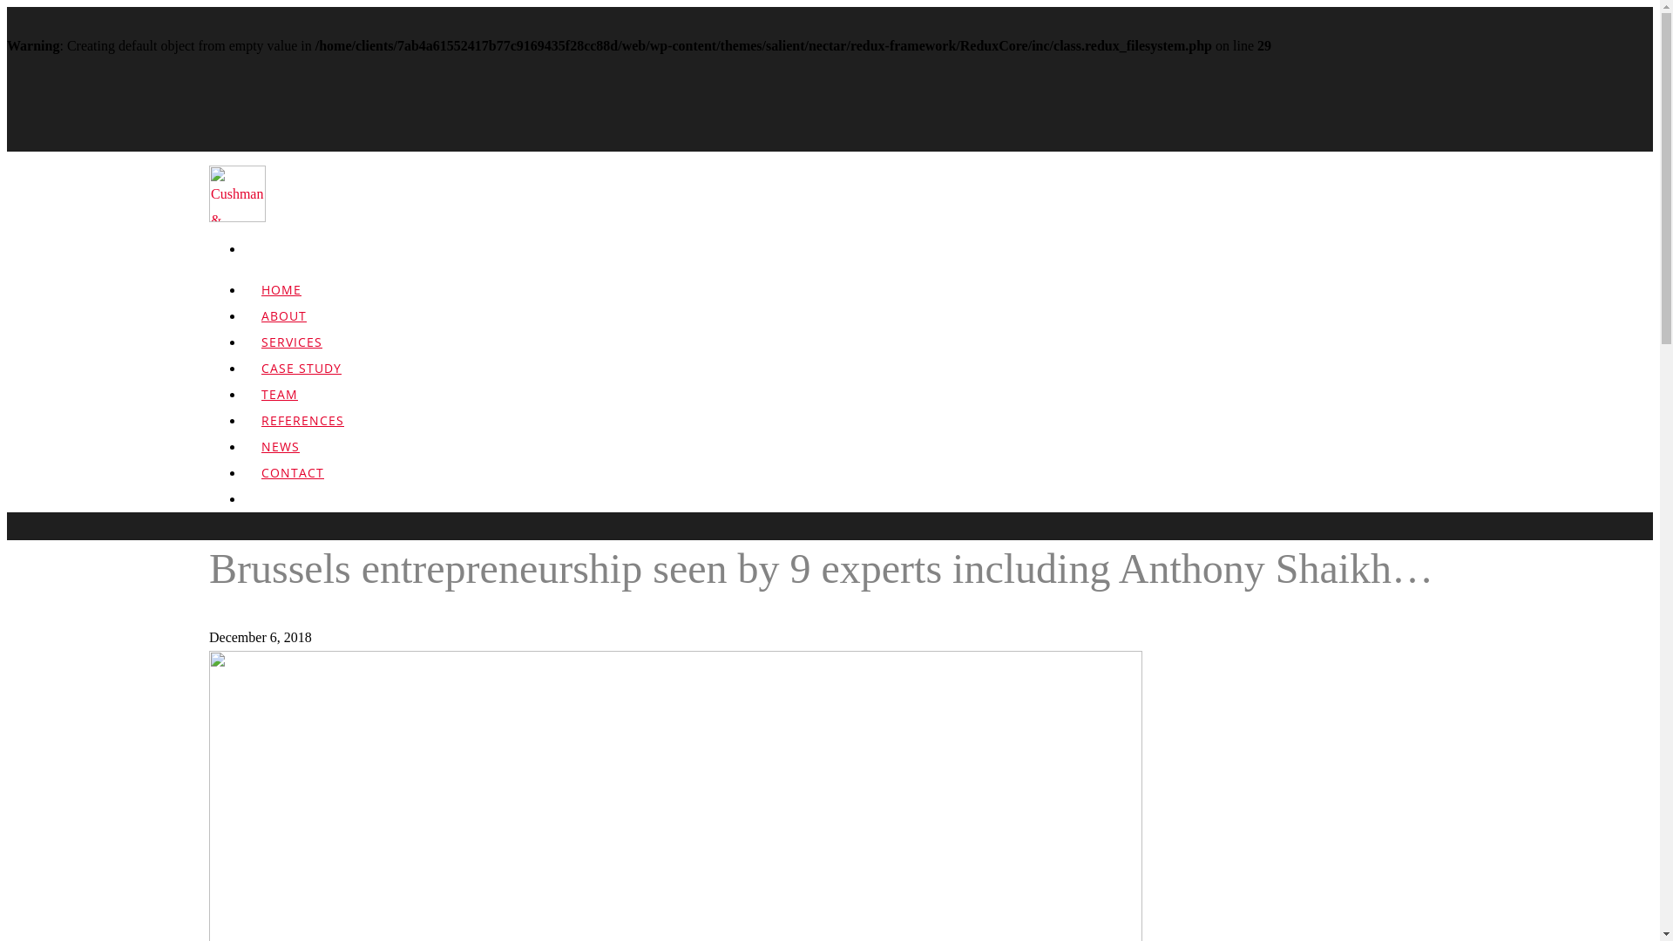 This screenshot has height=941, width=1673. I want to click on 'REFERENCES', so click(302, 431).